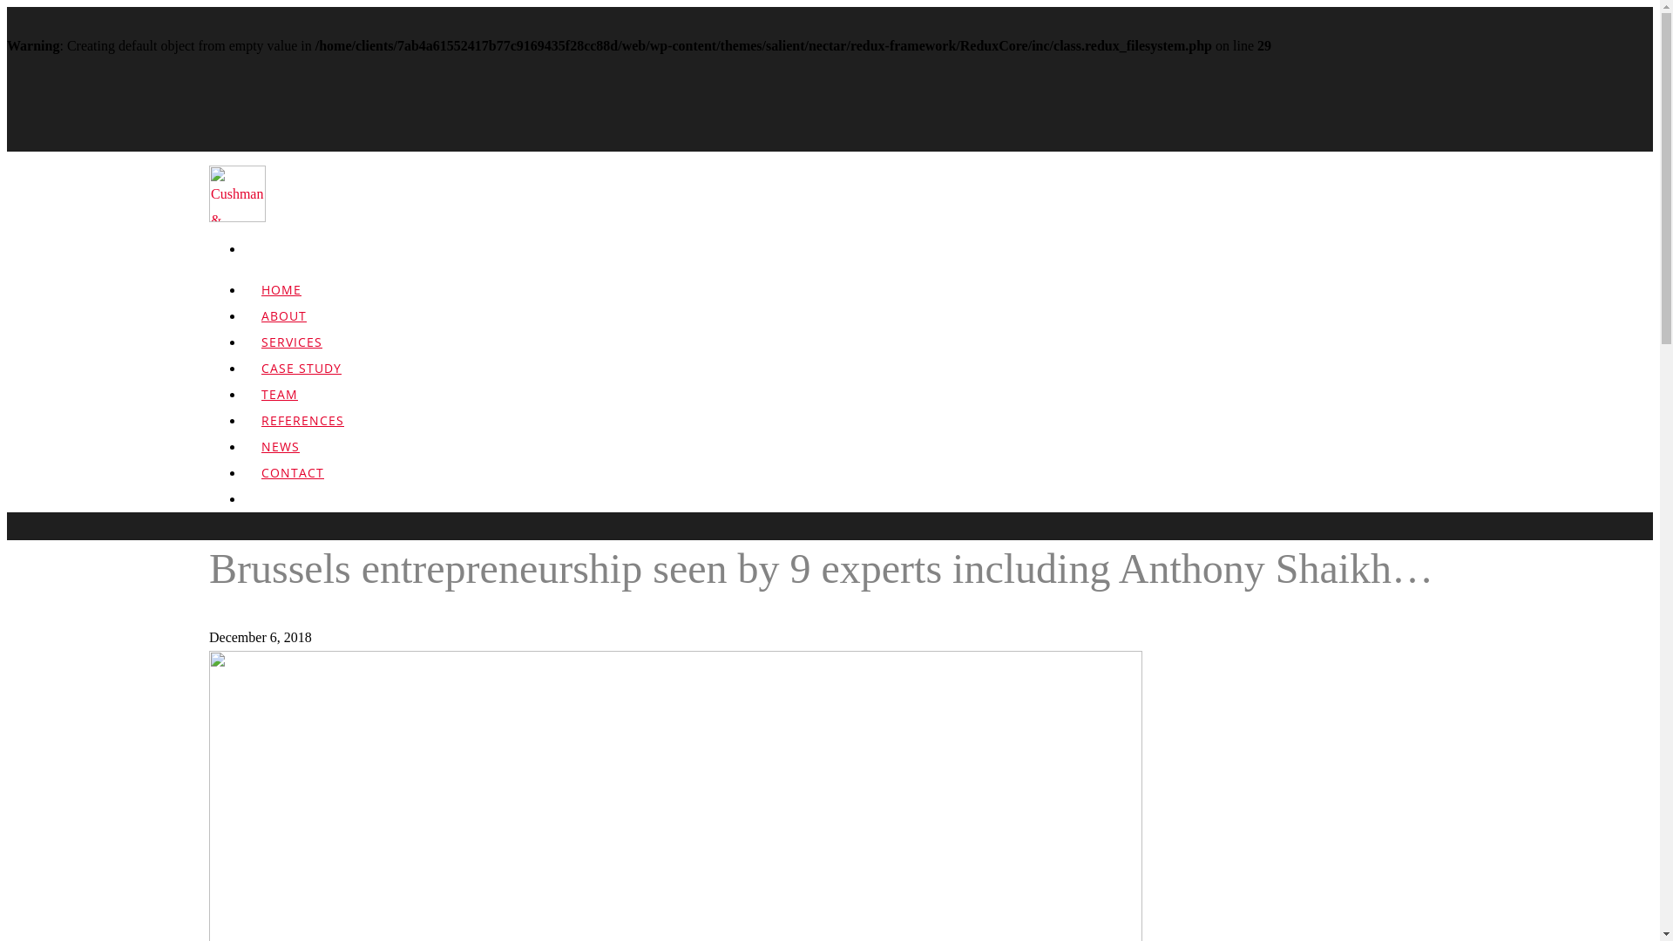 This screenshot has height=941, width=1673. I want to click on 'REFERENCES', so click(302, 431).